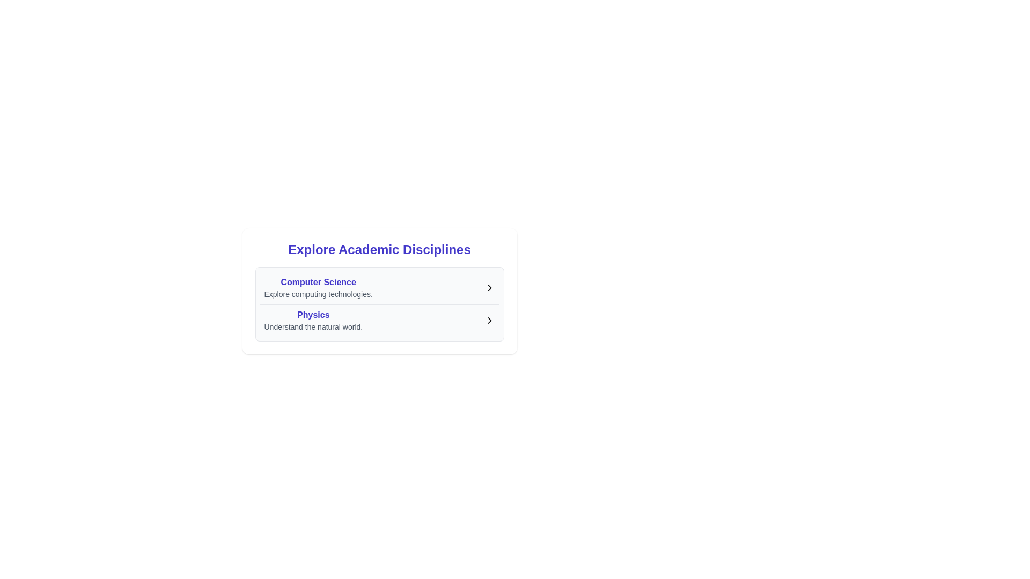  Describe the element at coordinates (379, 304) in the screenshot. I see `the 'Computer Science' or 'Physics' item within the vertically stacked list of navigation links, which is enclosed in a light-gray background and has rounded corners` at that location.